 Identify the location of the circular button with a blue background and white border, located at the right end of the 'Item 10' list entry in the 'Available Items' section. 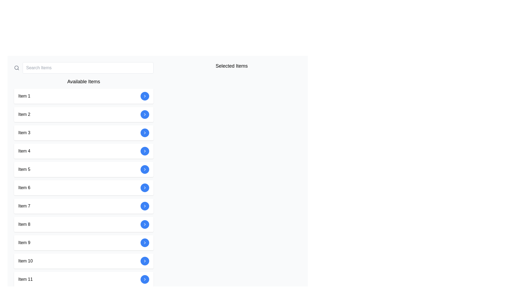
(145, 261).